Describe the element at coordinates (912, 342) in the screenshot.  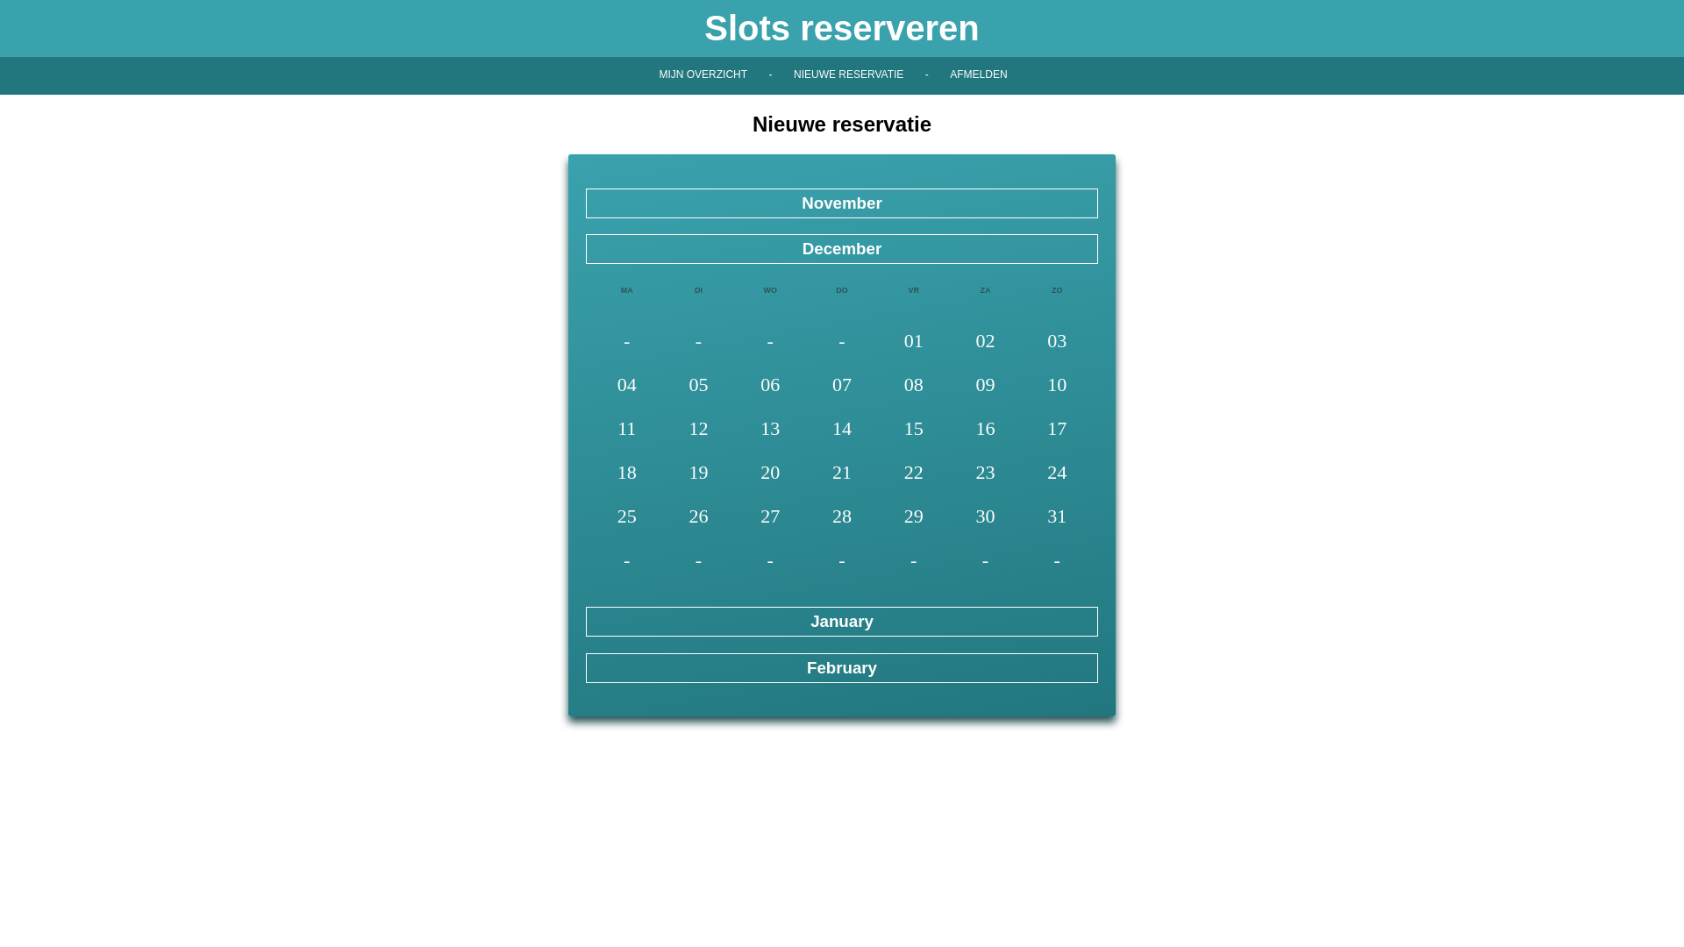
I see `'01'` at that location.